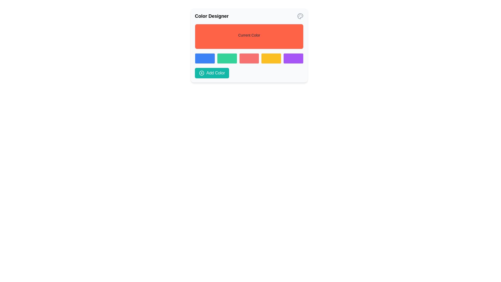 The image size is (501, 282). What do you see at coordinates (249, 58) in the screenshot?
I see `third light red button with rounded corners located below the 'Current Color' label for additional properties` at bounding box center [249, 58].